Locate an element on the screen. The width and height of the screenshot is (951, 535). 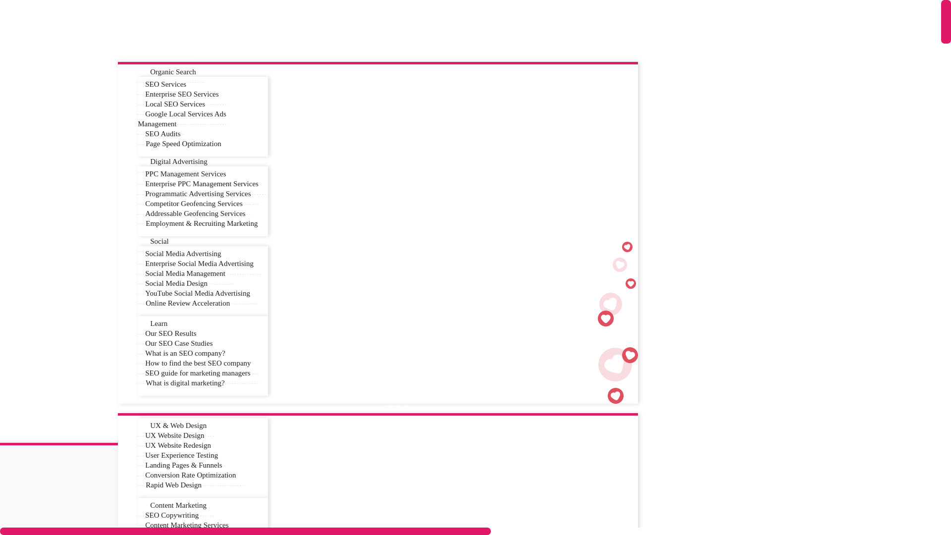
'Social' is located at coordinates (137, 241).